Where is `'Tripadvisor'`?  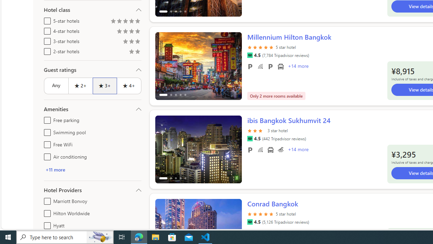
'Tripadvisor' is located at coordinates (249, 222).